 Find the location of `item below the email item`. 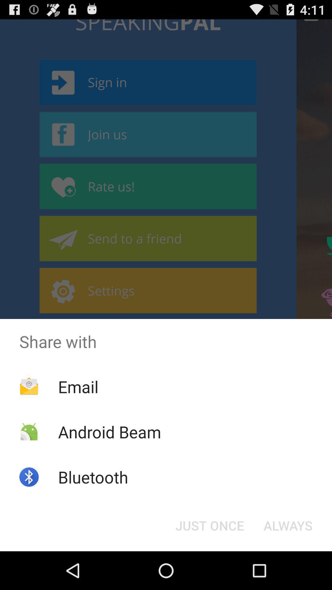

item below the email item is located at coordinates (109, 431).